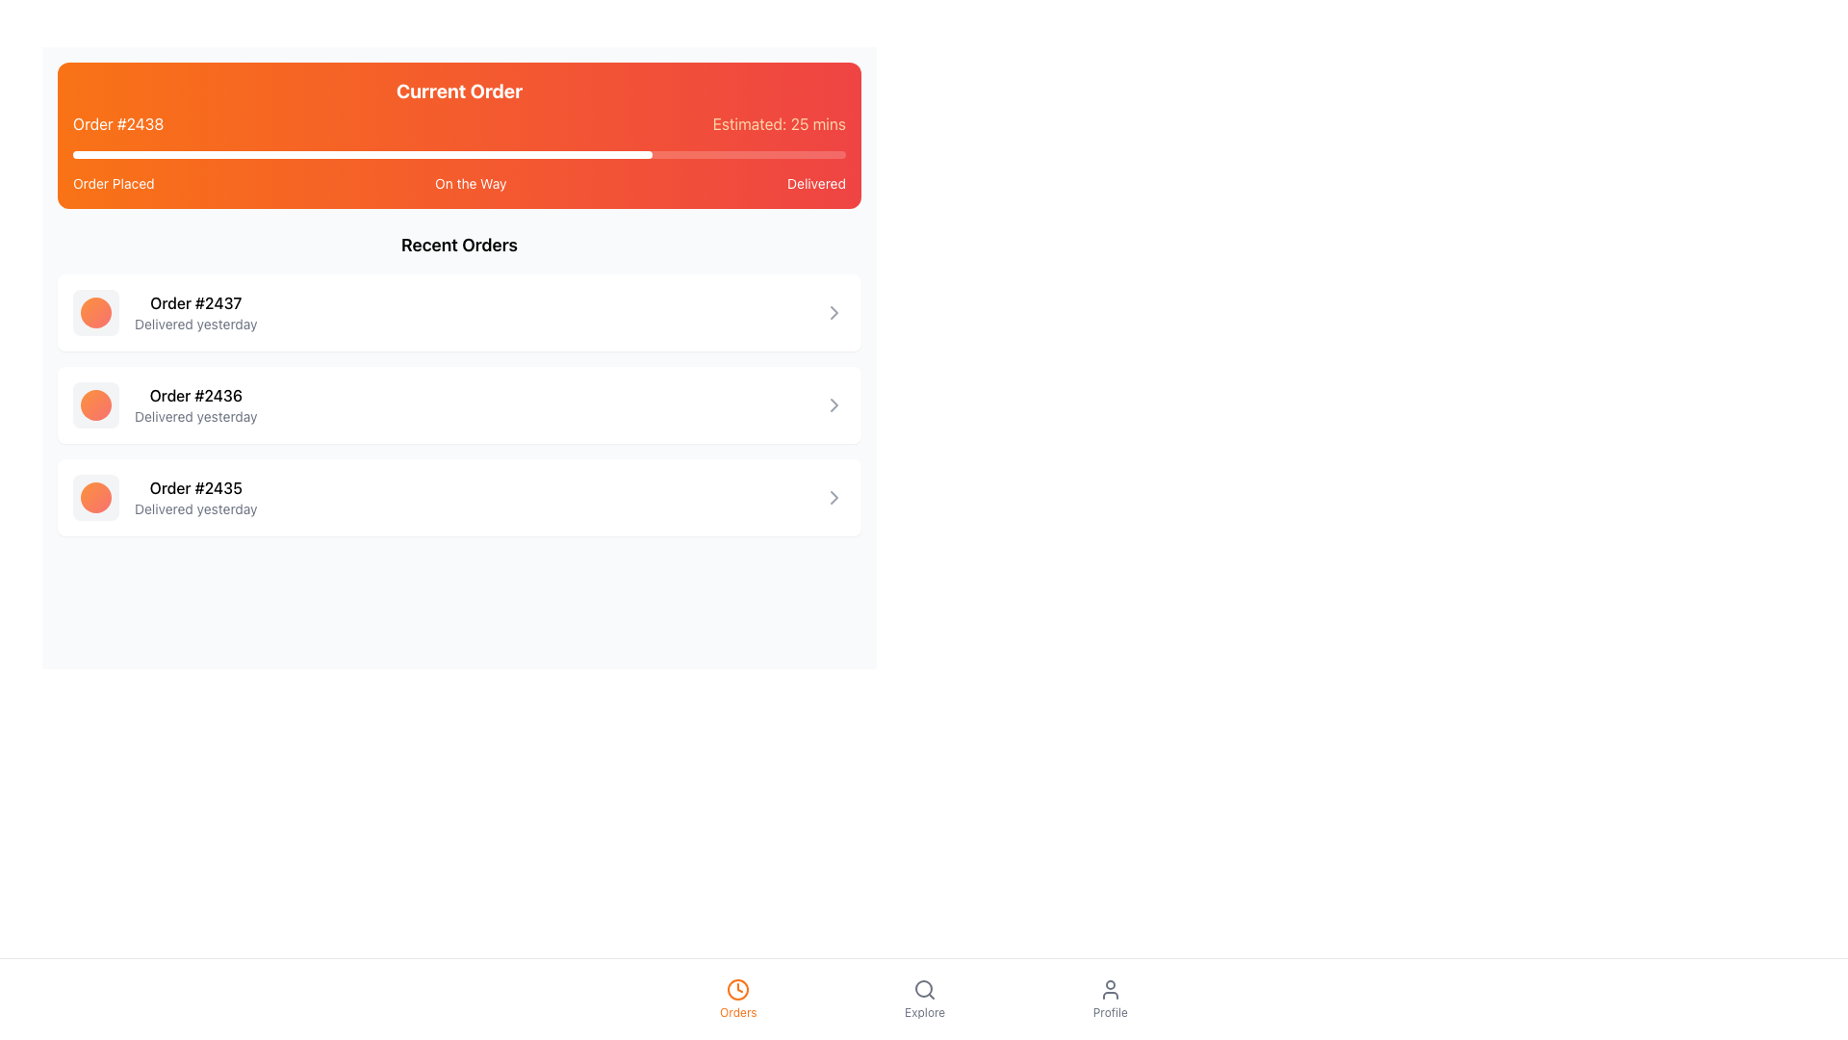  What do you see at coordinates (195, 507) in the screenshot?
I see `the text label element that reads 'Delivered yesterday', which is located directly below the order identifier 'Order #2435' in the recent orders list` at bounding box center [195, 507].